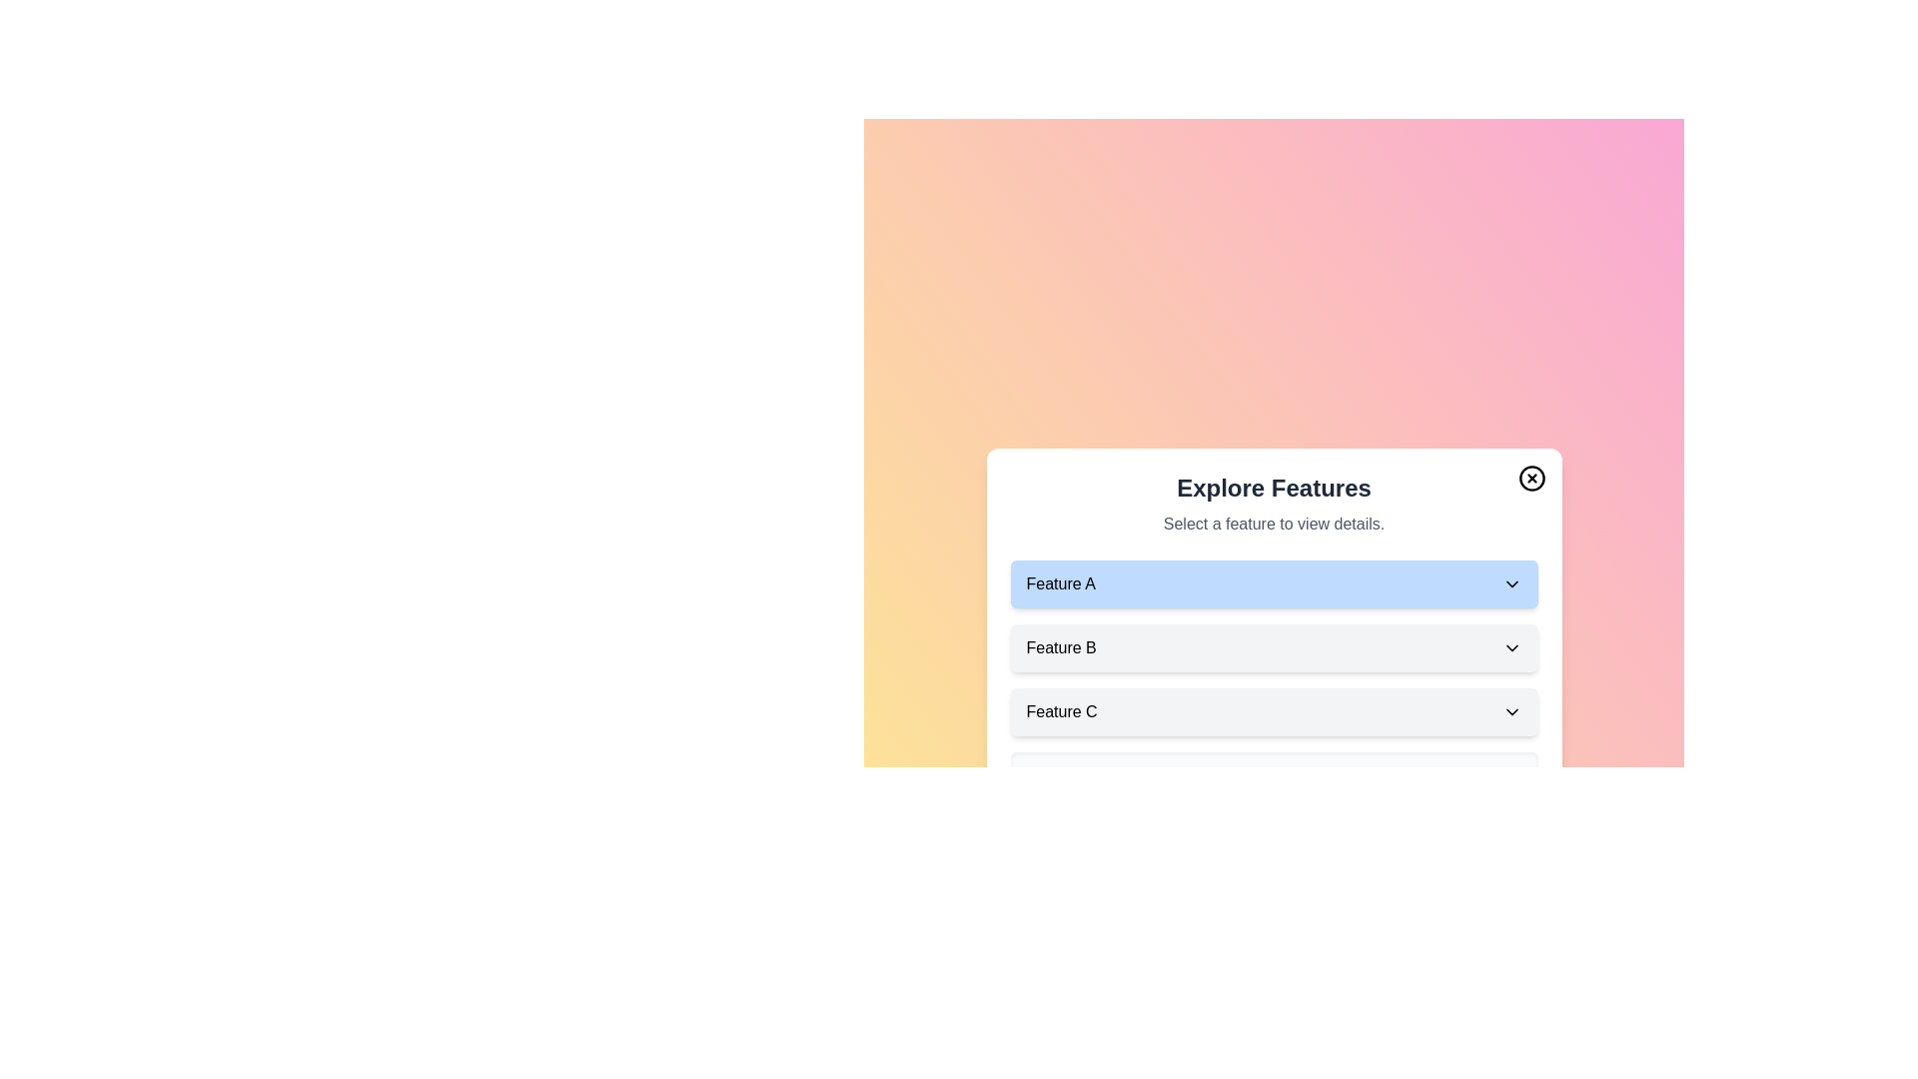 This screenshot has width=1918, height=1079. What do you see at coordinates (1530, 478) in the screenshot?
I see `the close button at the top-right corner of the dialog` at bounding box center [1530, 478].